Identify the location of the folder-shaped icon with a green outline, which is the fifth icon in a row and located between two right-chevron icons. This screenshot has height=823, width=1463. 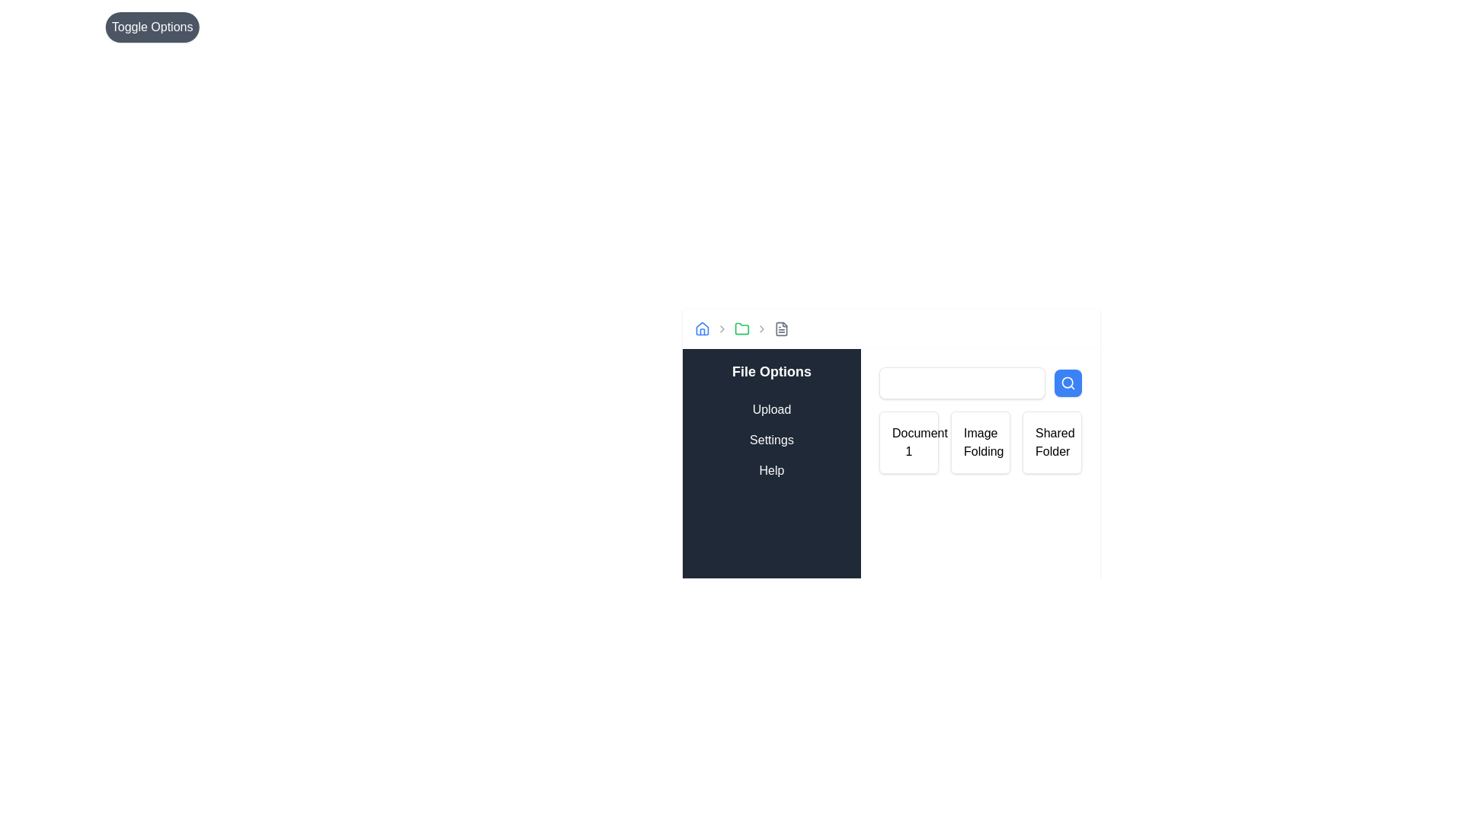
(742, 328).